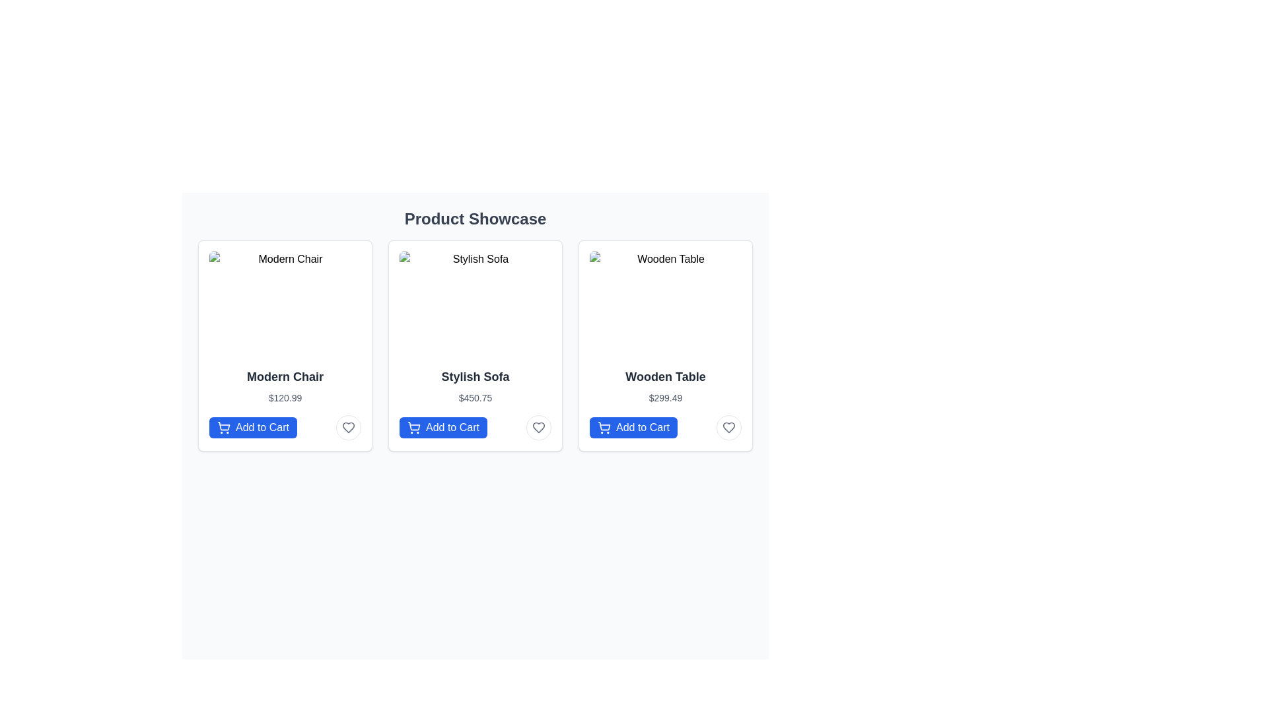  I want to click on the 'Add to Cart' button, which is a blue rounded rectangle button located at the bottom of the 'Wooden Table' product card in the 'Product Showcase' section, so click(643, 428).